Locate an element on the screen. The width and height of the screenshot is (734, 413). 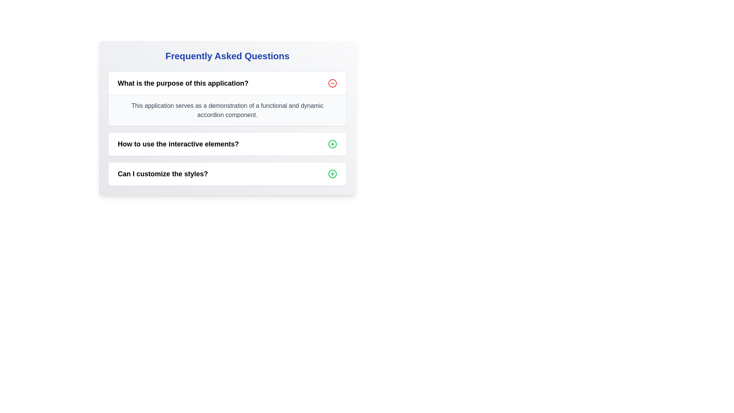
the question in the 'Frequently Asked Questions' section is located at coordinates (227, 118).